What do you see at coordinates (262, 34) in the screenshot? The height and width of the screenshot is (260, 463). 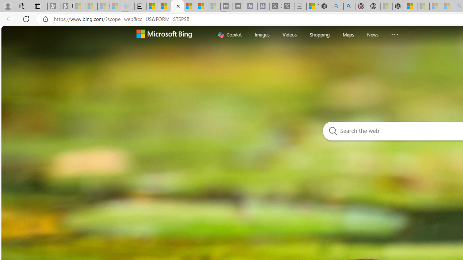 I see `'Images'` at bounding box center [262, 34].